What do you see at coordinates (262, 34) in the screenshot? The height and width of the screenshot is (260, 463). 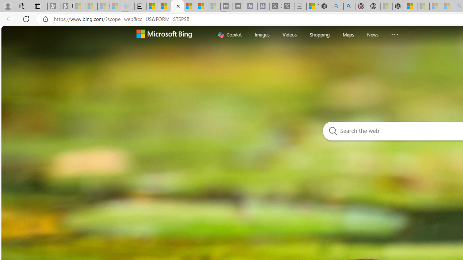 I see `'Images'` at bounding box center [262, 34].